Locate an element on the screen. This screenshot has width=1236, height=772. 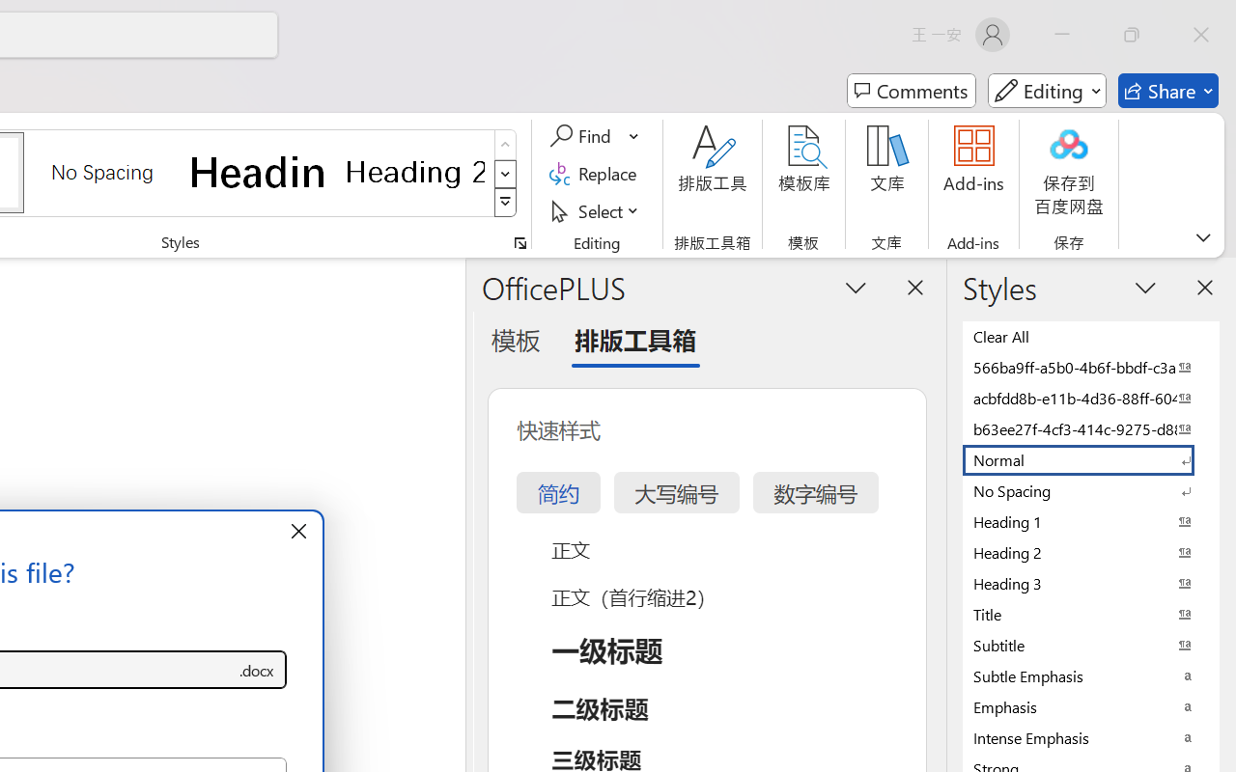
'Styles...' is located at coordinates (520, 242).